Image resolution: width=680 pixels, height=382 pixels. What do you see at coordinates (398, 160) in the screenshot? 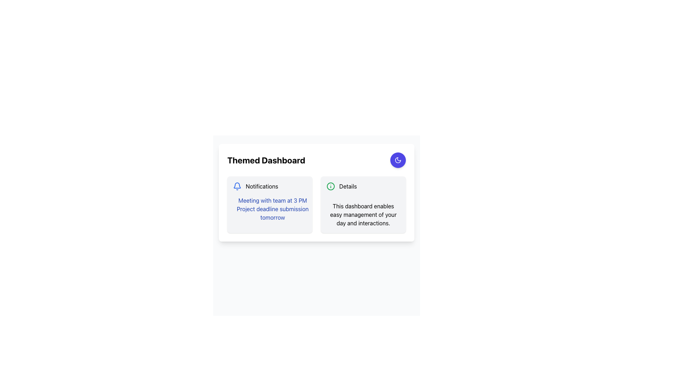
I see `the crescent moon icon in the upper-right corner of the 'Themed Dashboard' card` at bounding box center [398, 160].